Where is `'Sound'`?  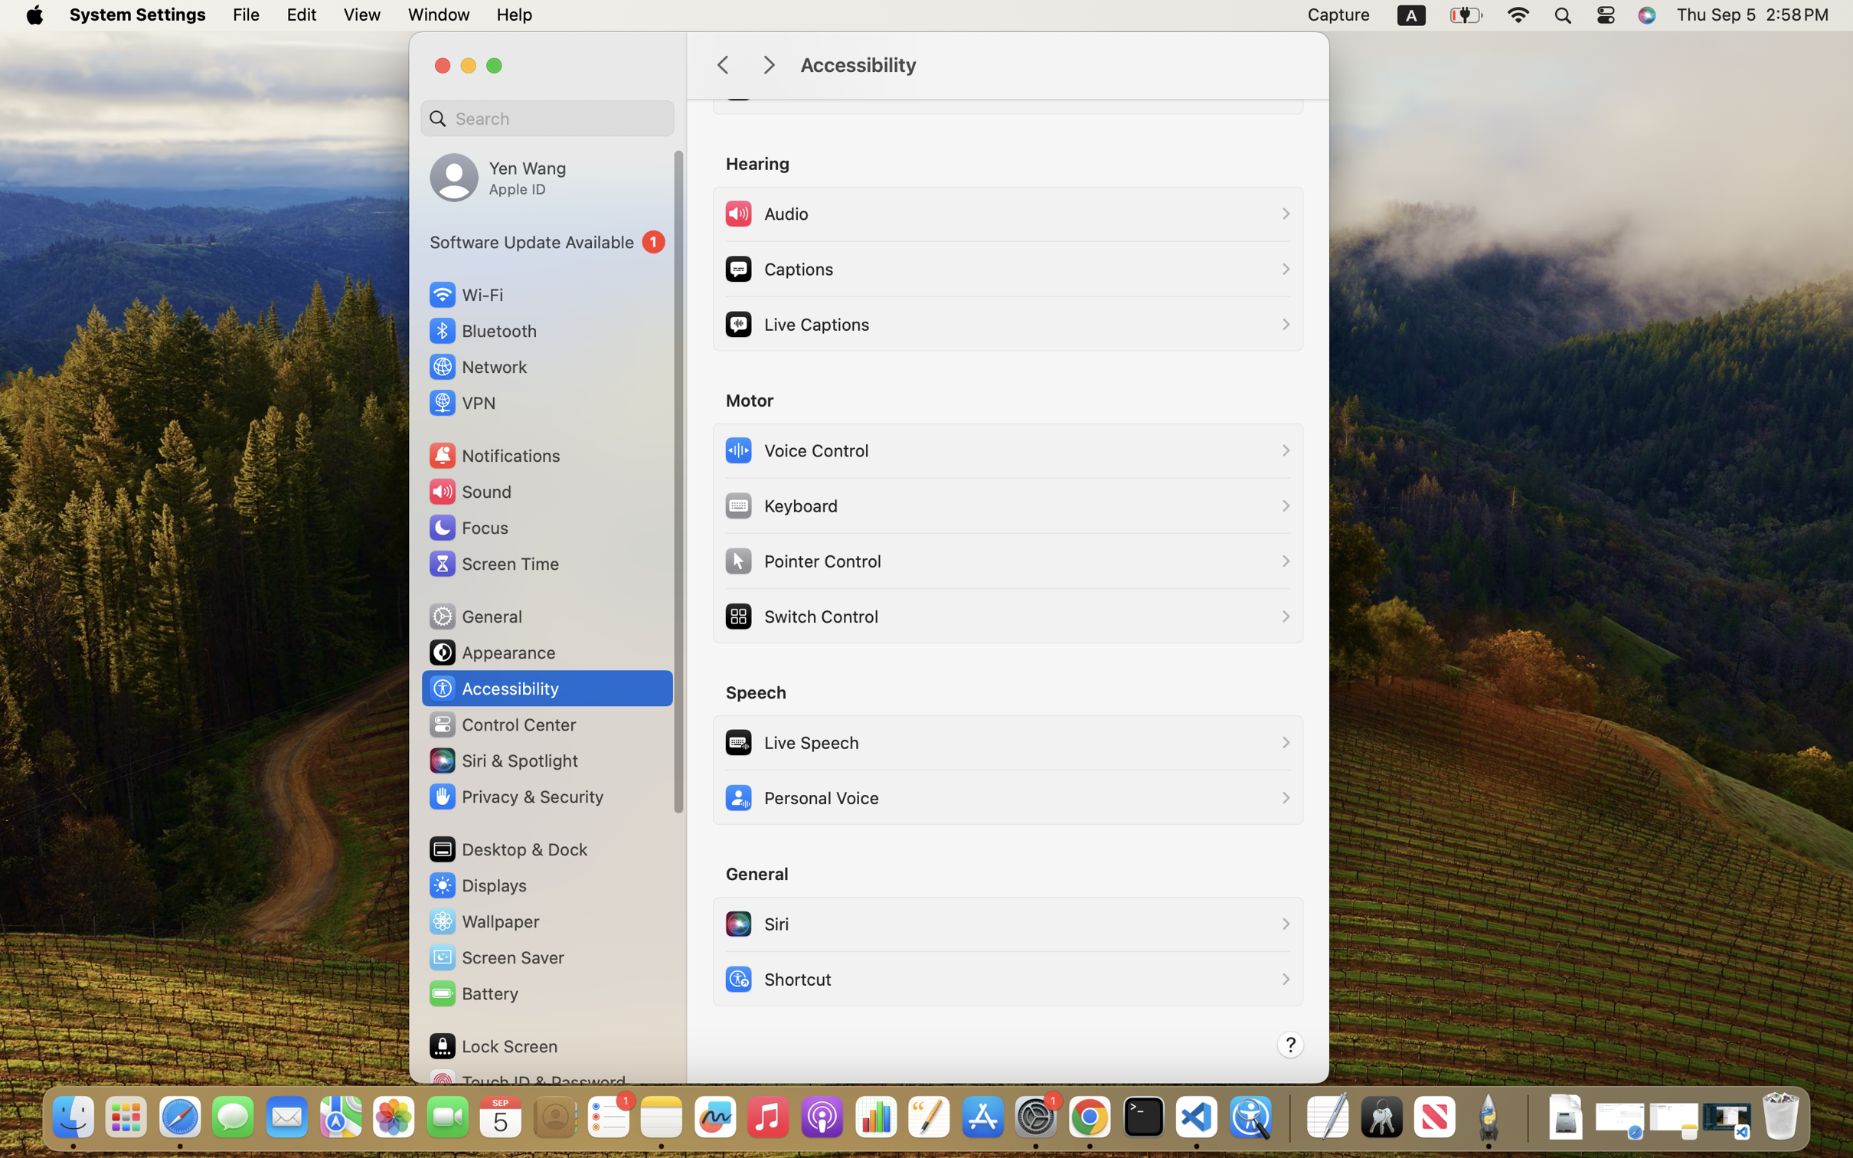 'Sound' is located at coordinates (469, 490).